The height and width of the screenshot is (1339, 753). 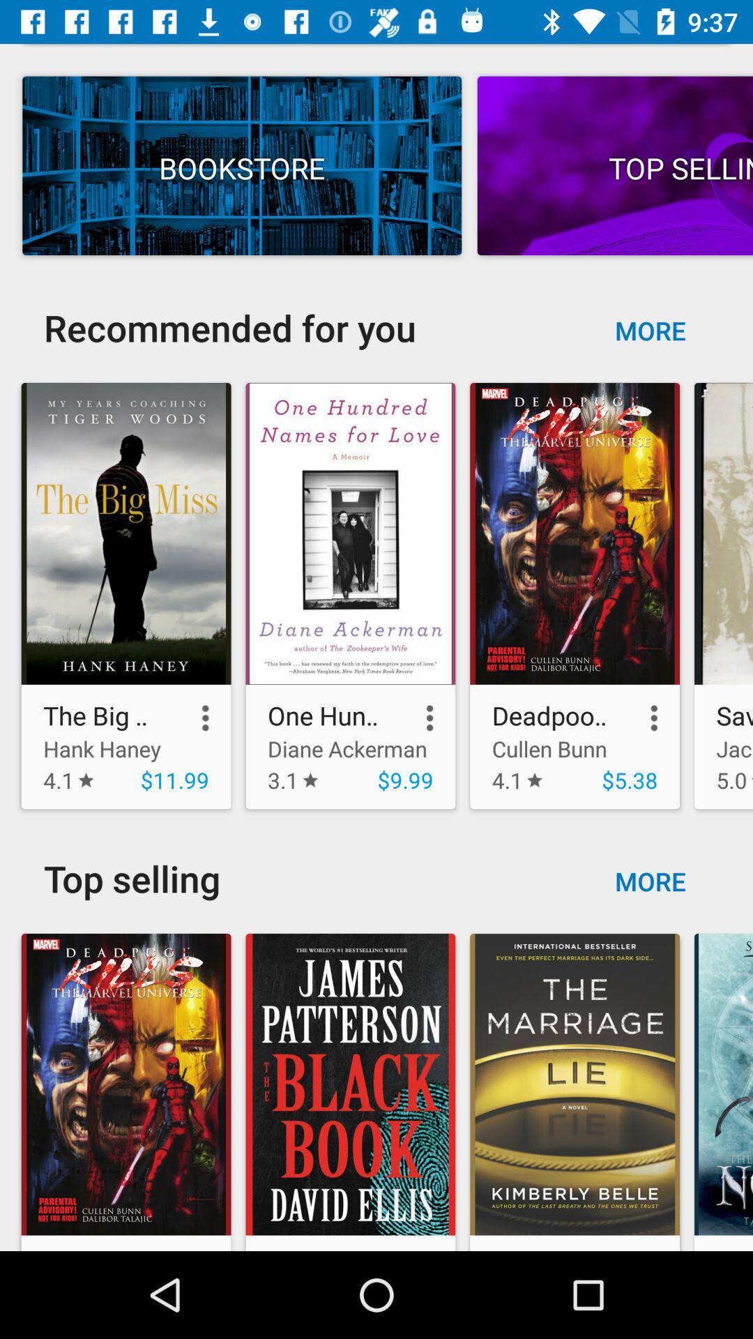 What do you see at coordinates (349, 1087) in the screenshot?
I see `the second image which is below the top selling` at bounding box center [349, 1087].